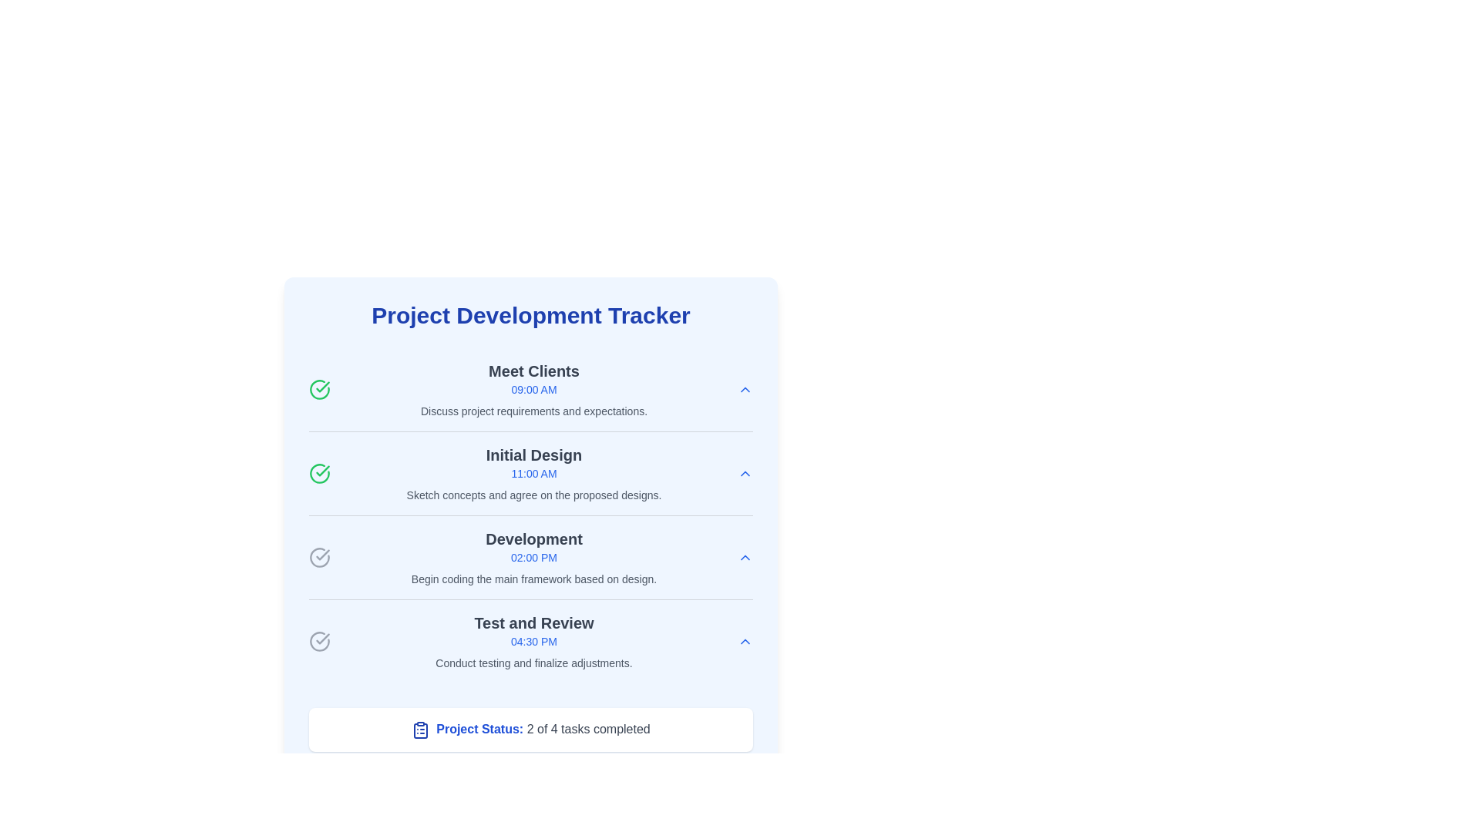 This screenshot has height=832, width=1480. Describe the element at coordinates (533, 558) in the screenshot. I see `details of the Task item element in the 'Project Development Tracker' section, located between 'Initial Design' and 'Test and Review'` at that location.